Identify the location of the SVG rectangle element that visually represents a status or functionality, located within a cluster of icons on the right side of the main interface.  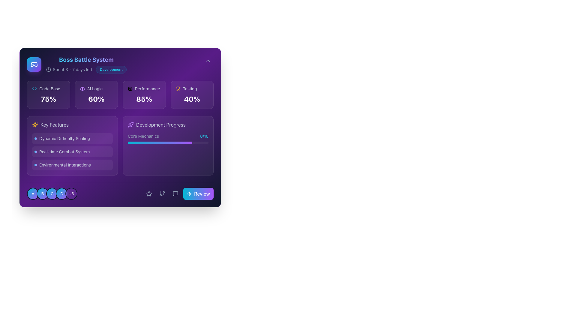
(130, 89).